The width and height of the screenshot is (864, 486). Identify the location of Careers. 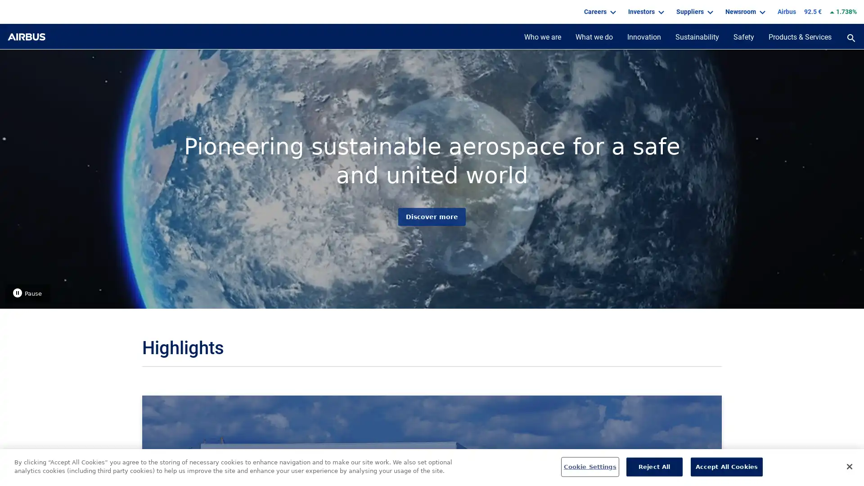
(598, 12).